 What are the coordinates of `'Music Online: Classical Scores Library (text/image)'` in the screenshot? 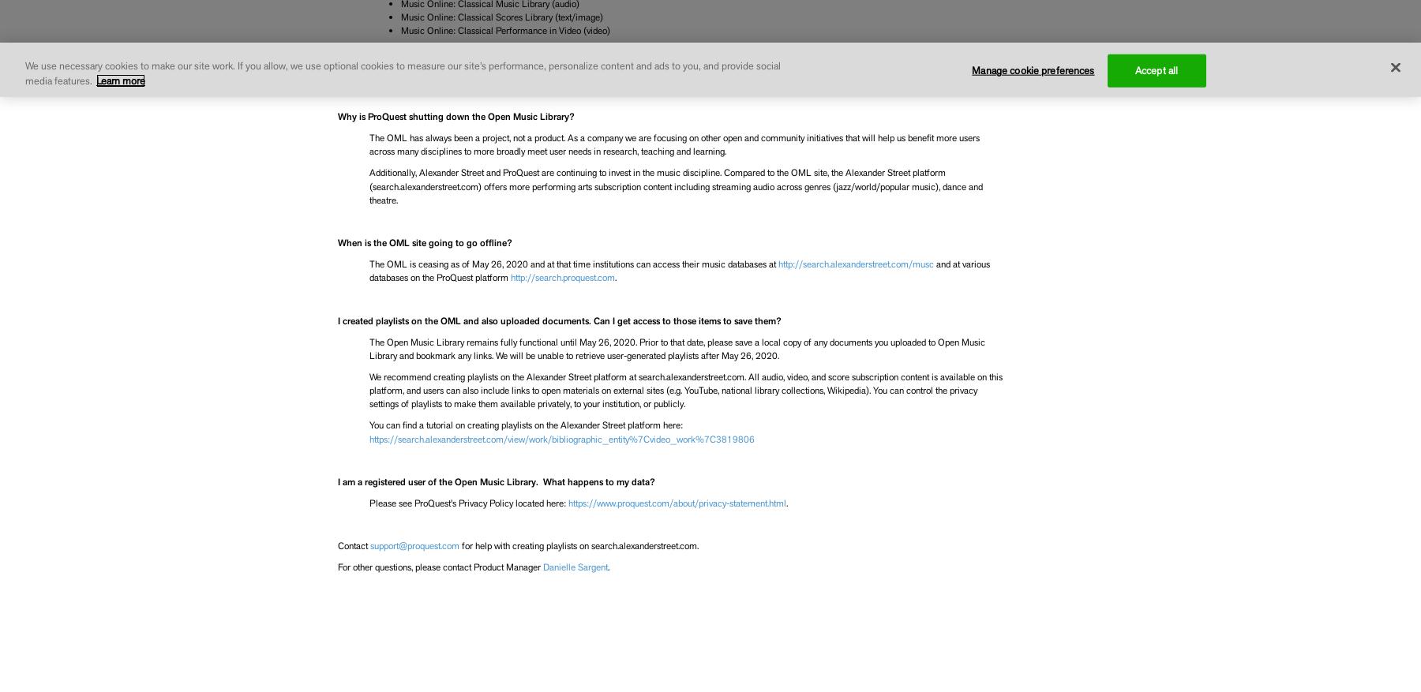 It's located at (501, 17).